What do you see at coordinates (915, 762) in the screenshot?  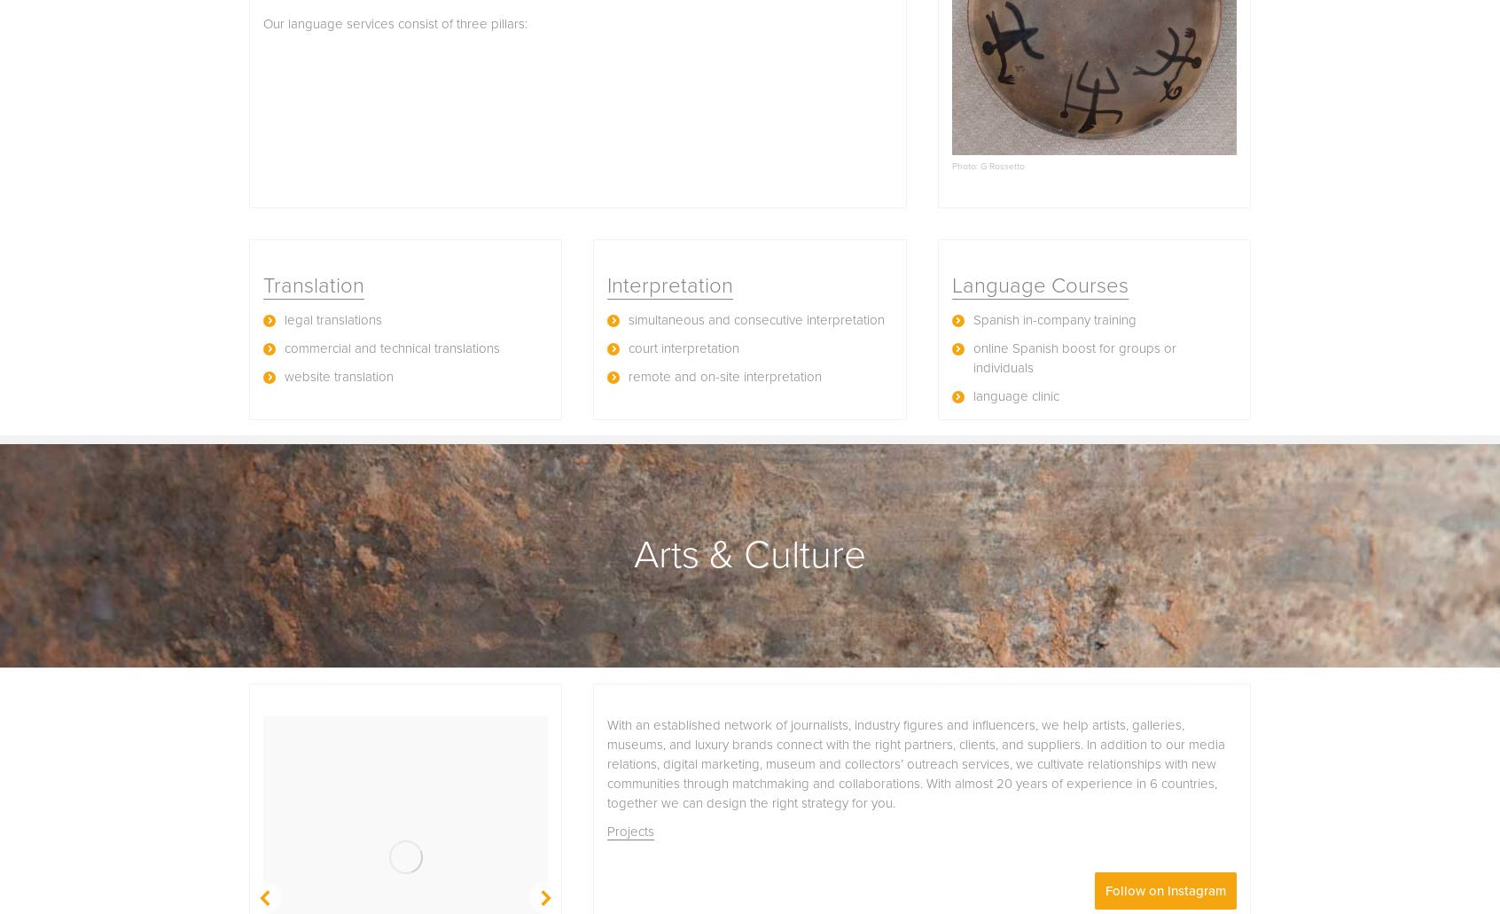 I see `'With an established network of journalists, industry figures and influencers, we help artists, galleries, museums, and luxury brands connect with the right partners, clients, and suppliers. In addition to our media relations, digital marketing, museum and collectors’ outreach services, we cultivate relationships with new communities through matchmaking and collaborations. With almost 20 years of experience in 6 countries, together we can design the right strategy for you.'` at bounding box center [915, 762].